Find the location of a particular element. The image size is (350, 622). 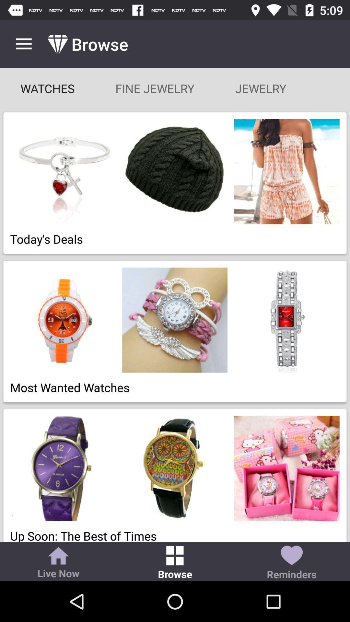

fine jewelry app is located at coordinates (155, 88).